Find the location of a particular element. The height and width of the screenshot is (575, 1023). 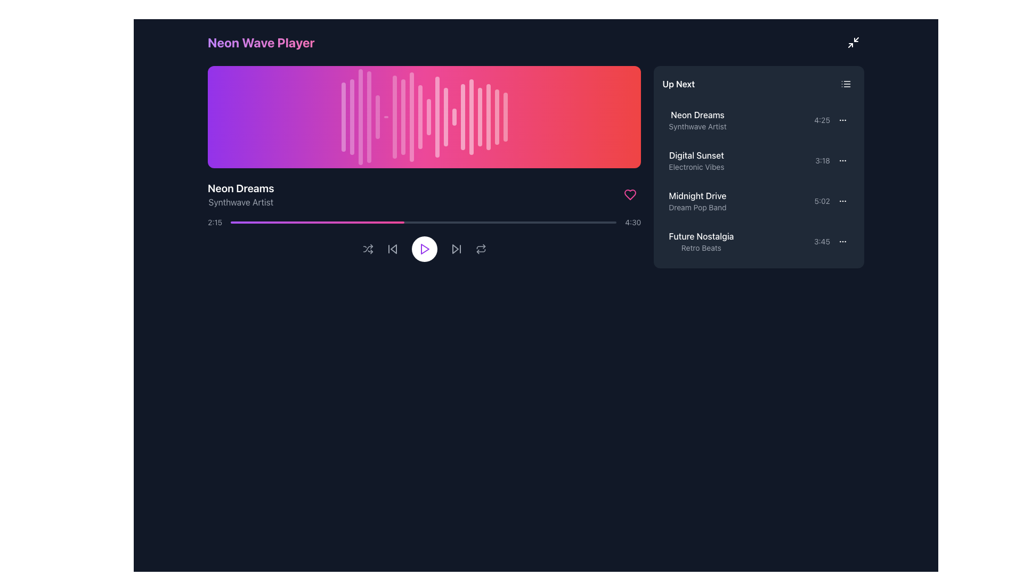

the central play button on the Control Panel is located at coordinates (424, 240).